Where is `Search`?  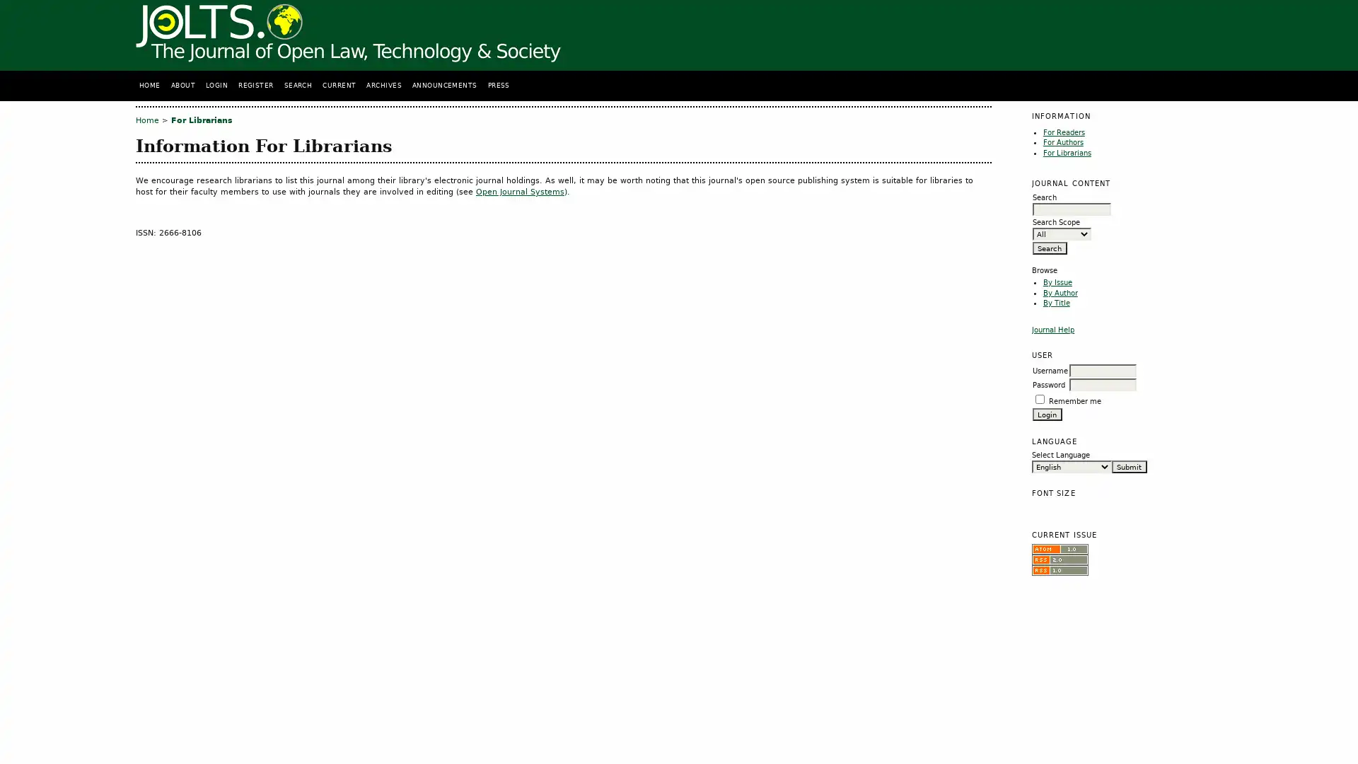 Search is located at coordinates (1049, 247).